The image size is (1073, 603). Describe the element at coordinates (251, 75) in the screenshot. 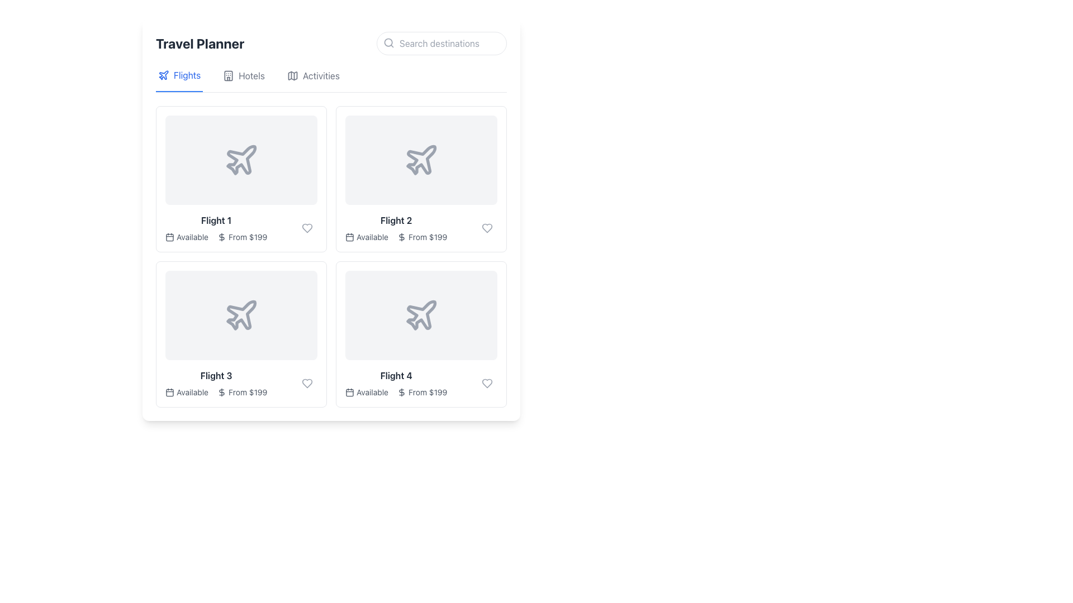

I see `the 'Hotels' text label in the navigation bar` at that location.